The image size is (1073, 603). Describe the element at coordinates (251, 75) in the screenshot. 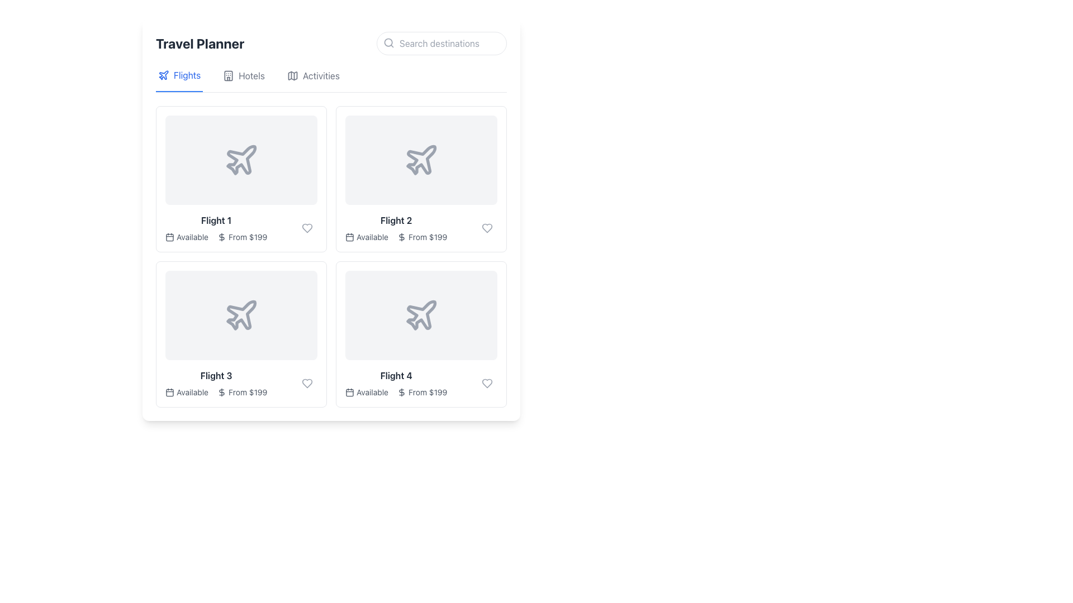

I see `the 'Hotels' text label in the navigation bar` at that location.